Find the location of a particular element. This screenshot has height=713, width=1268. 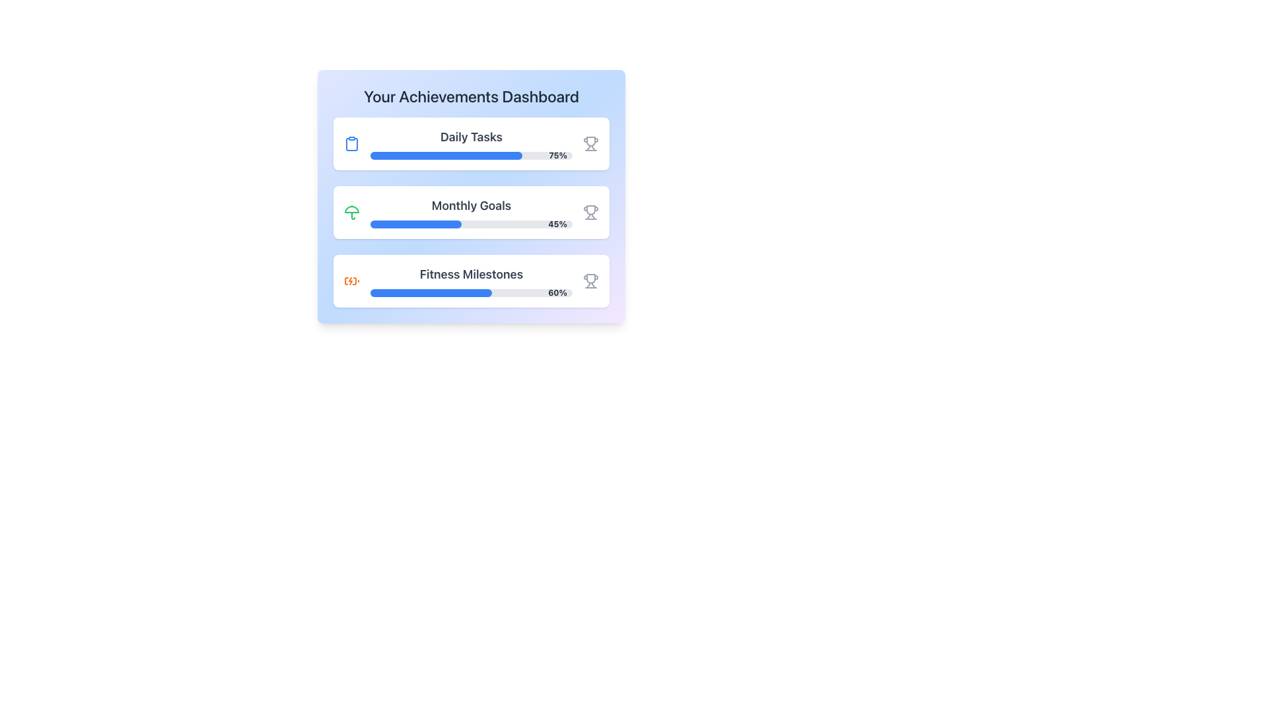

the current progress visually on the Progress Bar located in the 'Daily Tasks' section, which indicates that it is 75% complete is located at coordinates (446, 154).